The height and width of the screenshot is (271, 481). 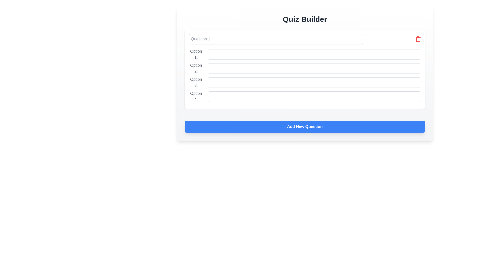 I want to click on the label displaying 'Option 1:' which is styled in gray and positioned at the top left corner of the quiz options group, so click(x=196, y=54).